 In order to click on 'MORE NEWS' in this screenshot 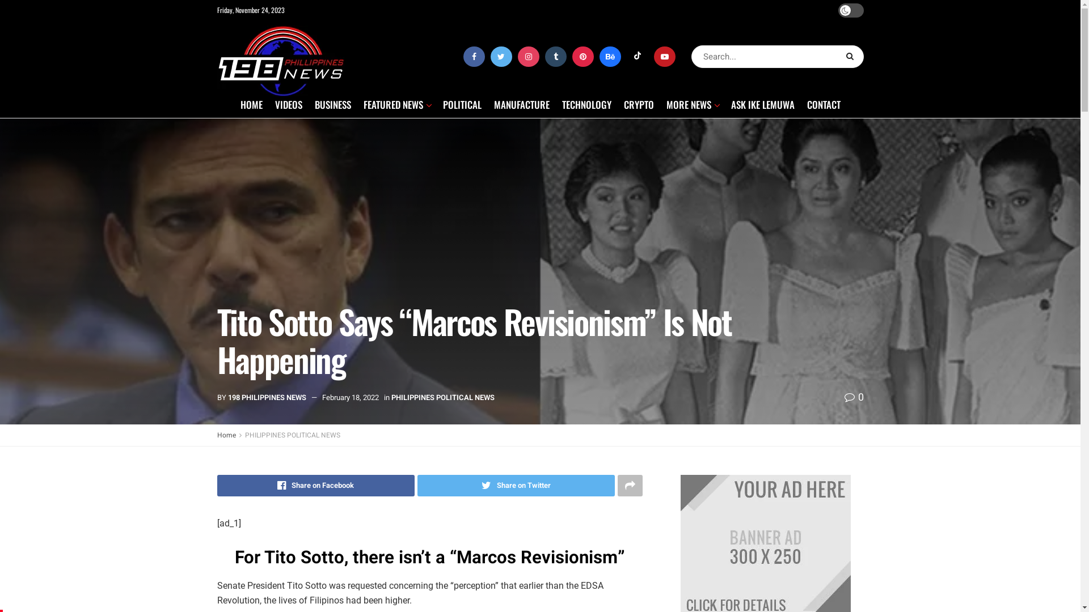, I will do `click(691, 104)`.